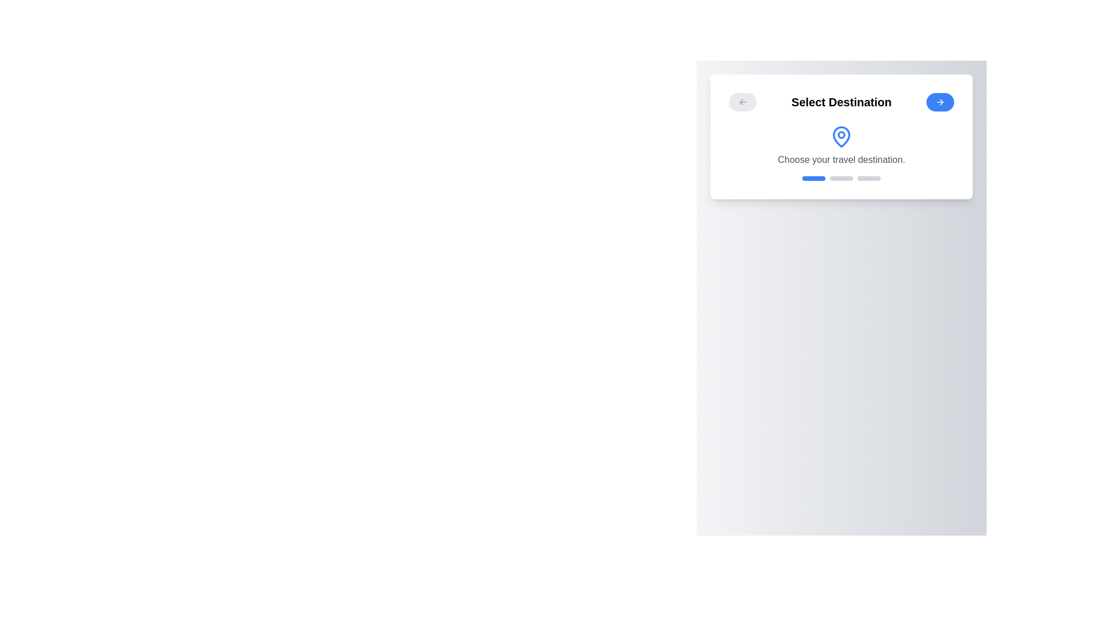 The image size is (1109, 624). I want to click on the outlined right-pointing arrow icon located in the top-right section of the interface, which is part of a control or navigational button with a blue background, associated with the 'Select Destination' card component, so click(941, 102).